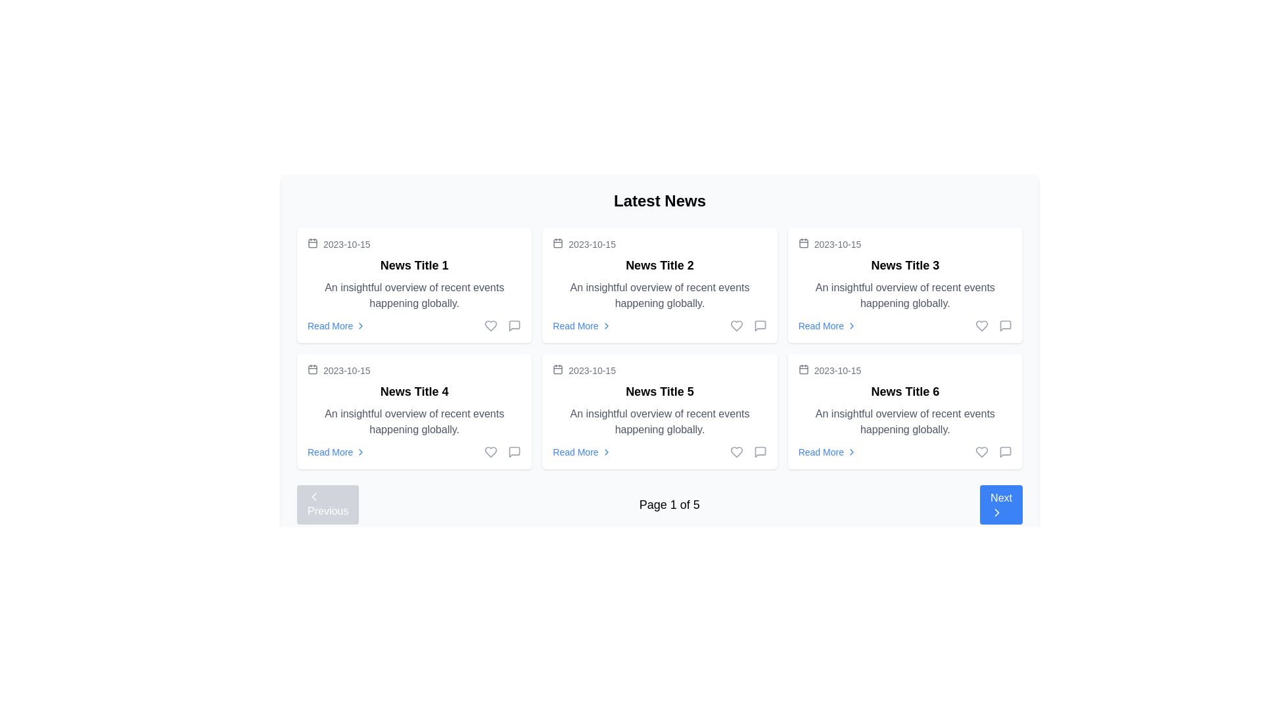  I want to click on highlighted title of the news item displayed in the second card of the news grid layout, located above the descriptive text and below the date label, so click(659, 391).